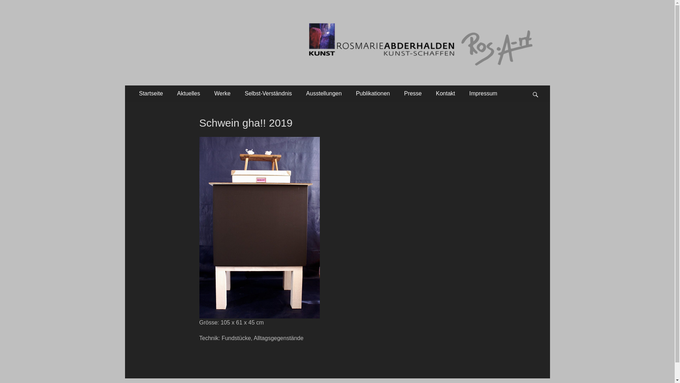  What do you see at coordinates (372, 93) in the screenshot?
I see `'Publikationen'` at bounding box center [372, 93].